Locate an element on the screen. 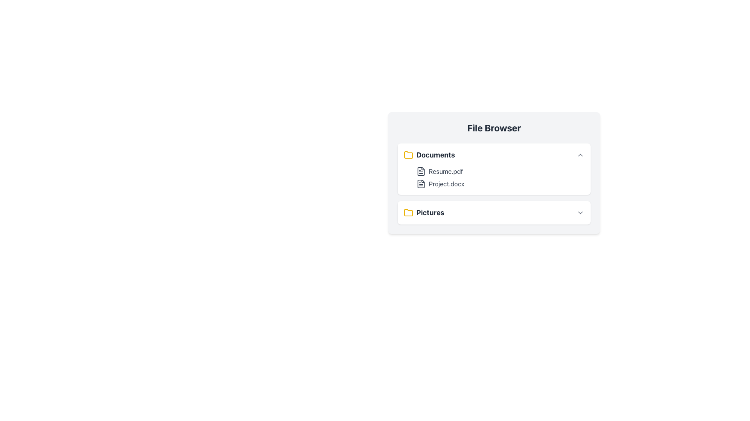  the file name 'Resume.pdf' located is located at coordinates (494, 177).